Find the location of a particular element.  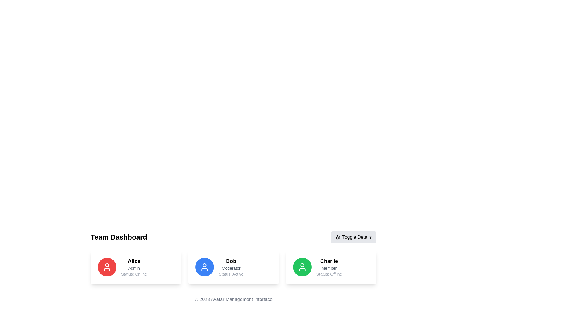

the gear-like settings icon located in the top-right portion of the dashboard area is located at coordinates (337, 237).